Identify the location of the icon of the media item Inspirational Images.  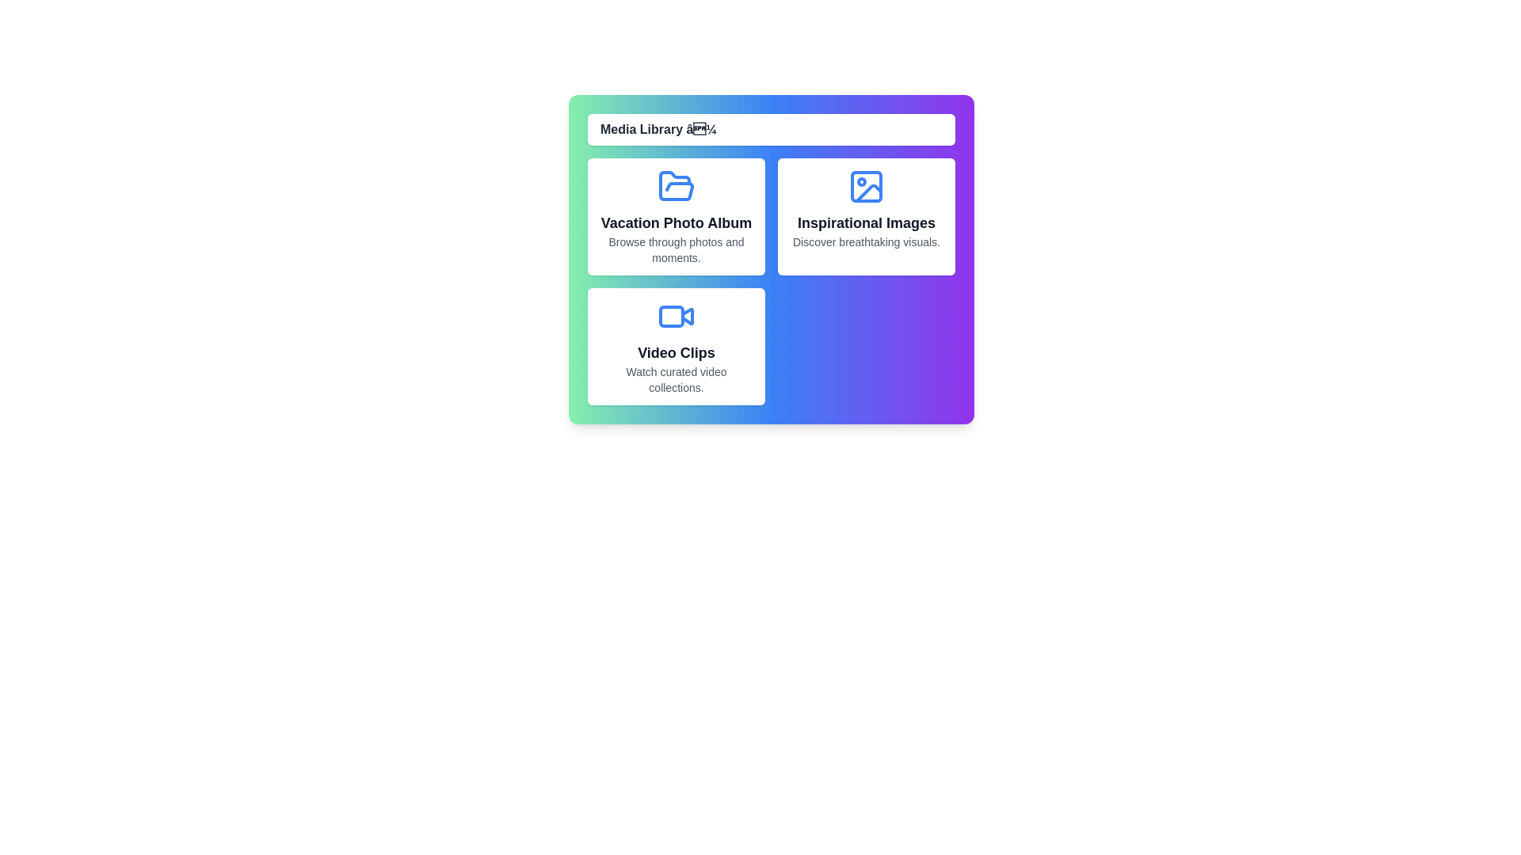
(866, 185).